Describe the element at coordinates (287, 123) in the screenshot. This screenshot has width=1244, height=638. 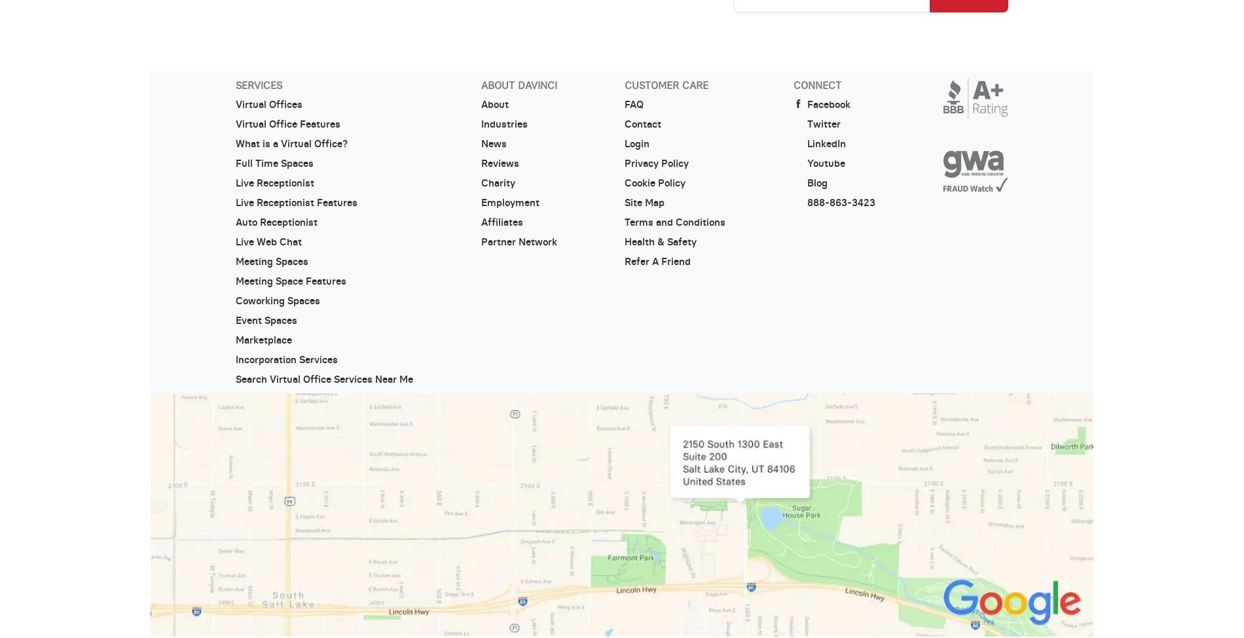
I see `'Virtual Office Features'` at that location.